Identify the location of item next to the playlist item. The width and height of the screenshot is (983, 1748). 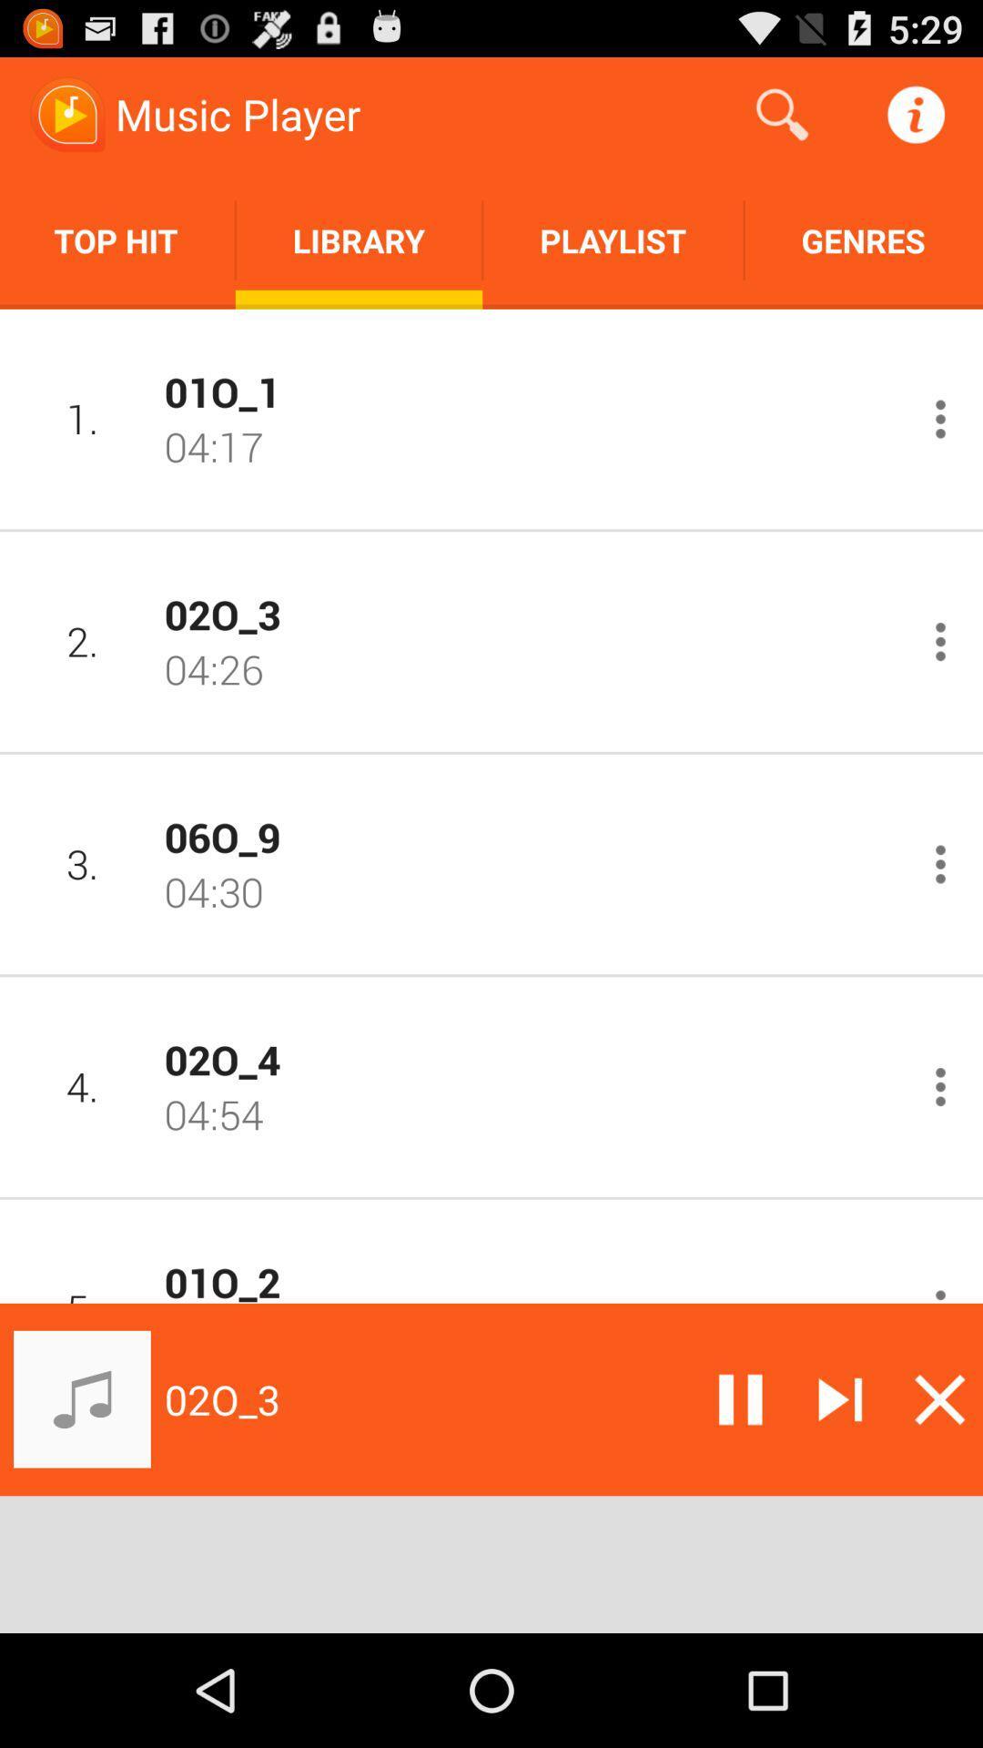
(862, 239).